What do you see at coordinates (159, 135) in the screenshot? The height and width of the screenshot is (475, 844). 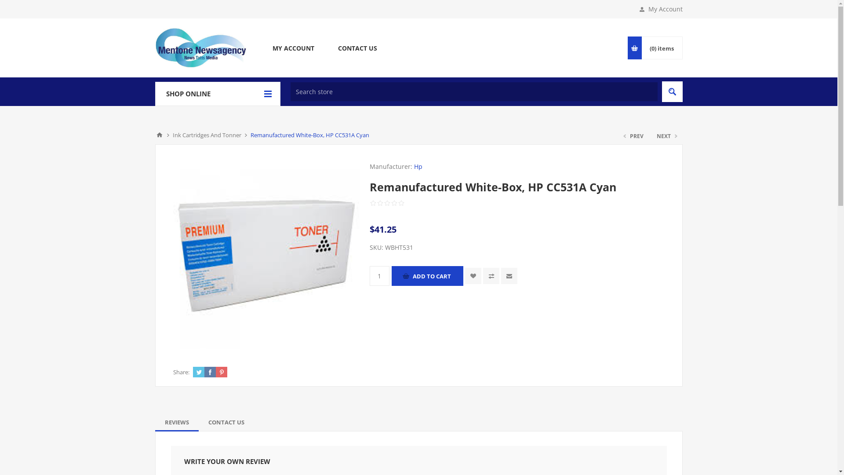 I see `'Home'` at bounding box center [159, 135].